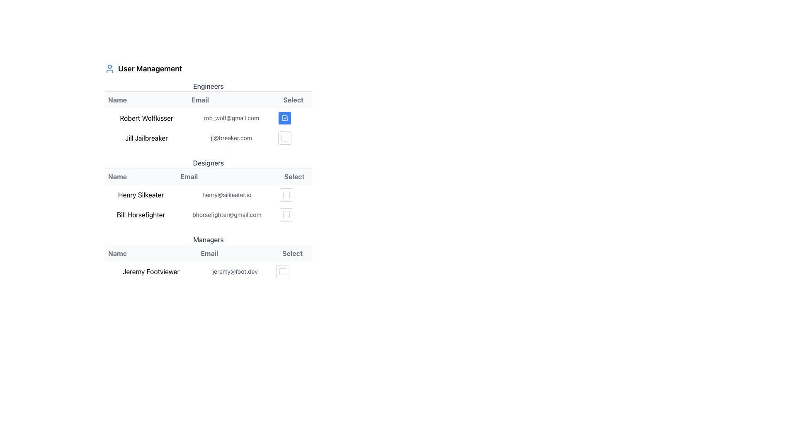 The width and height of the screenshot is (796, 448). Describe the element at coordinates (209, 195) in the screenshot. I see `the first row in the 'Designers' section of the user management interface that displays details for 'Henry Silkeater'` at that location.